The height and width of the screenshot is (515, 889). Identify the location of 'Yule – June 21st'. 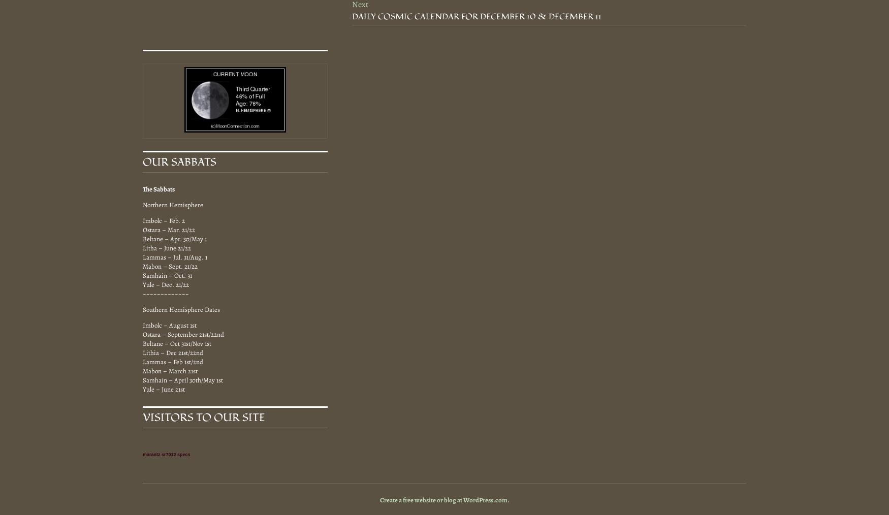
(164, 389).